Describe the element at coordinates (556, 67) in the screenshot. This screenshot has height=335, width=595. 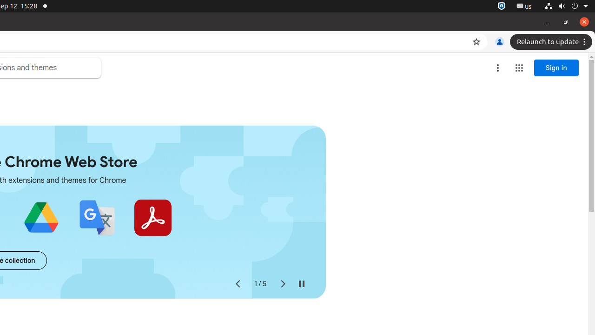
I see `'Sign in'` at that location.